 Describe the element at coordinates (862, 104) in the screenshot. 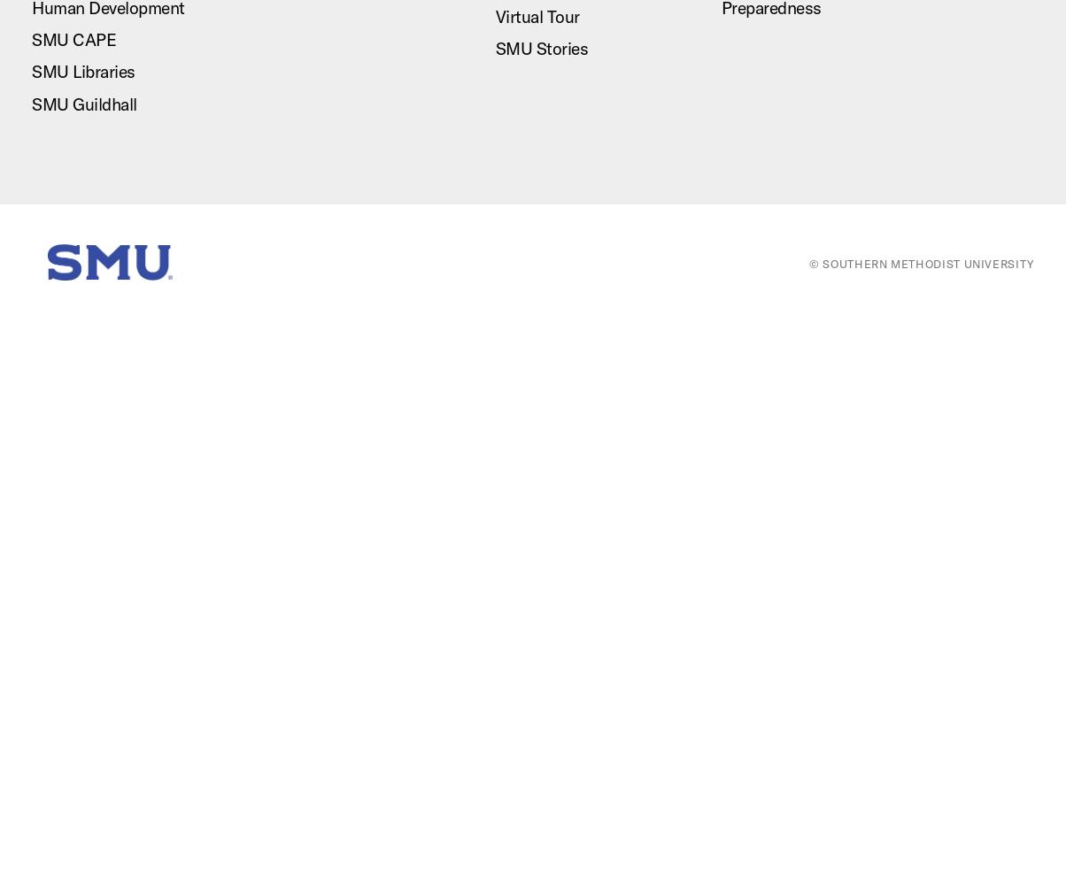

I see `'SMU and Dallas'` at that location.